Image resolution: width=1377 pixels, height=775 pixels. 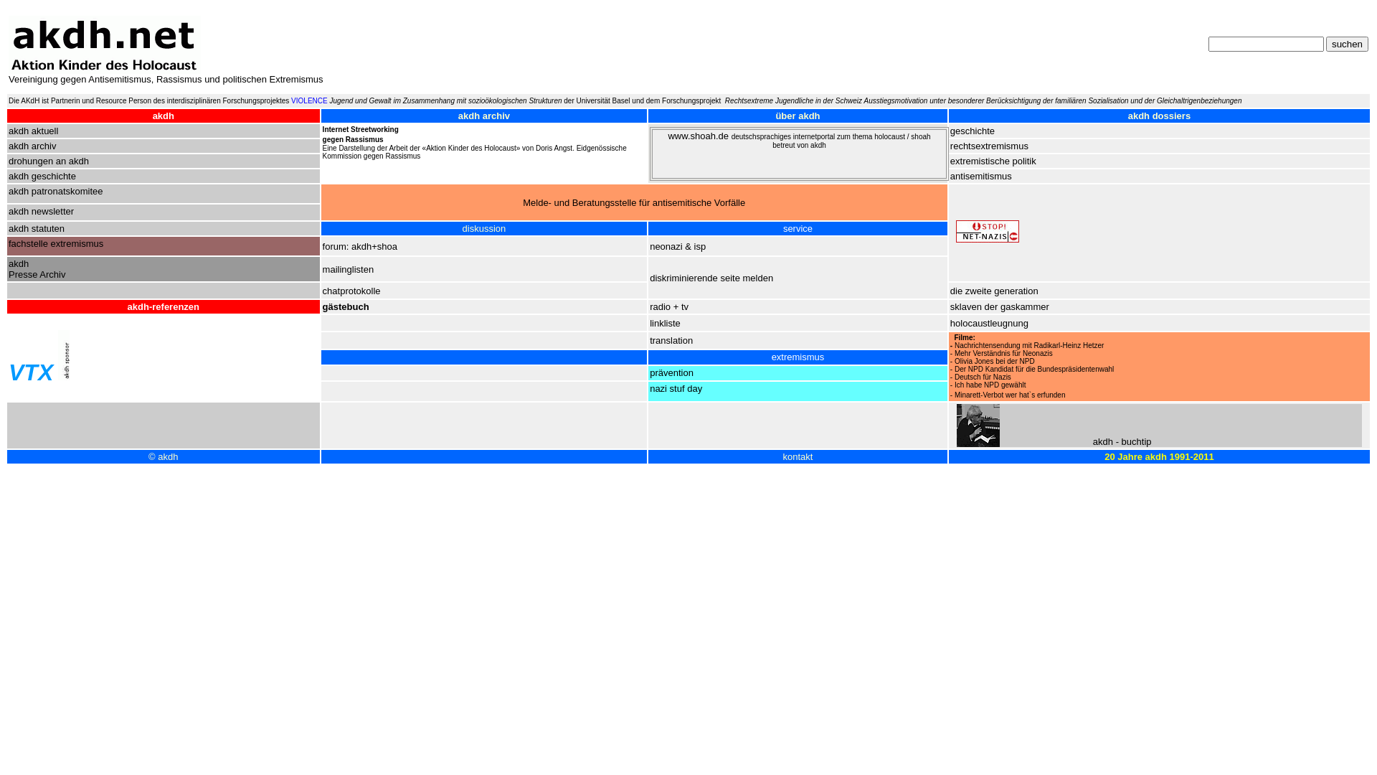 I want to click on 'translation', so click(x=671, y=340).